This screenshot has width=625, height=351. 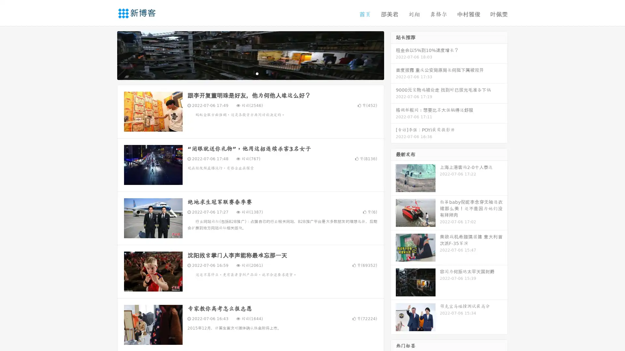 I want to click on Previous slide, so click(x=107, y=55).